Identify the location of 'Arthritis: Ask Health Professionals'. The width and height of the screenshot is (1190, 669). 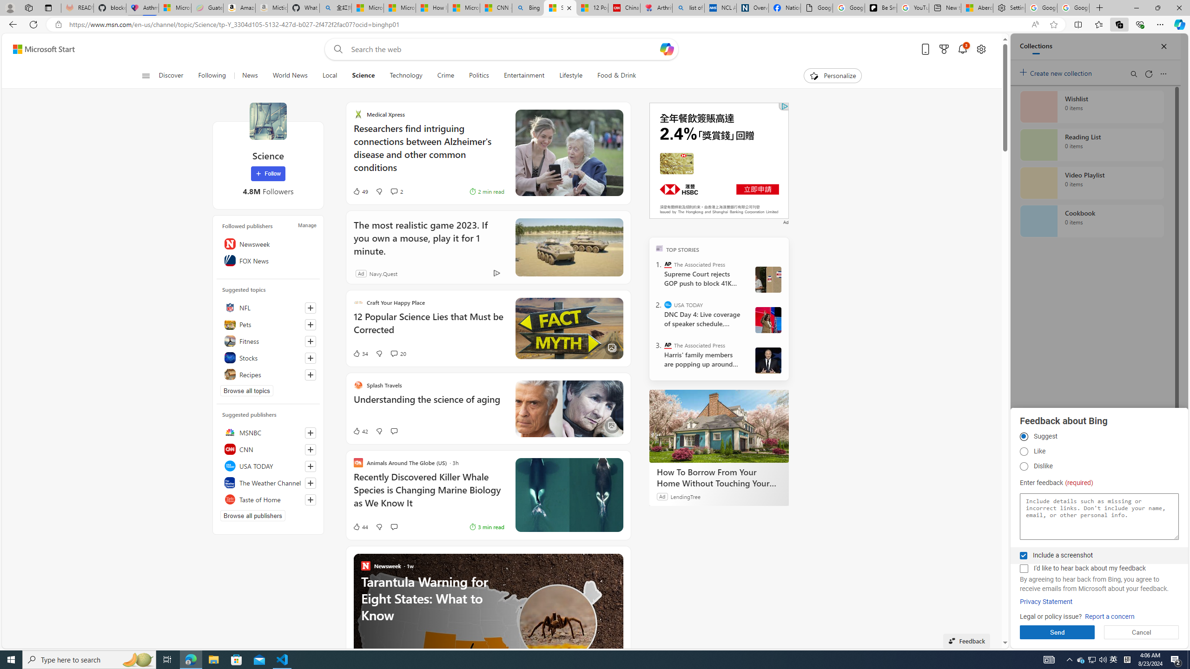
(655, 7).